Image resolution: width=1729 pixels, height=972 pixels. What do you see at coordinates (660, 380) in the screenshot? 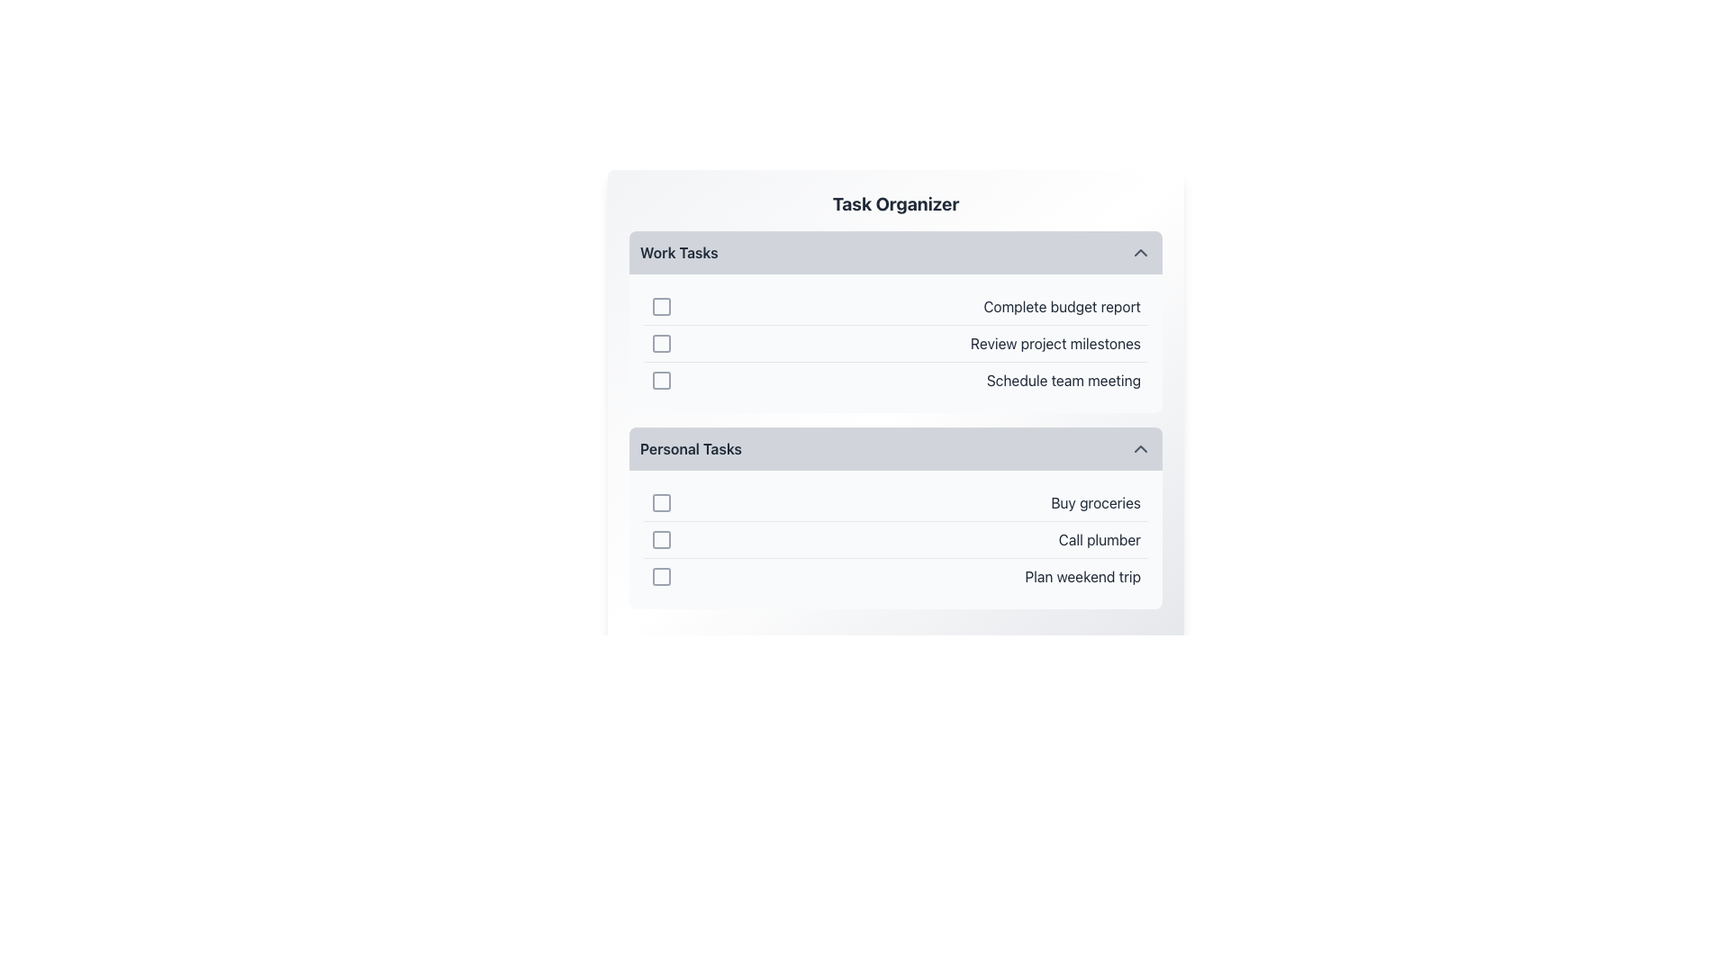
I see `the checkbox located next to the 'Schedule team meeting' task in the 'Work Tasks' section` at bounding box center [660, 380].